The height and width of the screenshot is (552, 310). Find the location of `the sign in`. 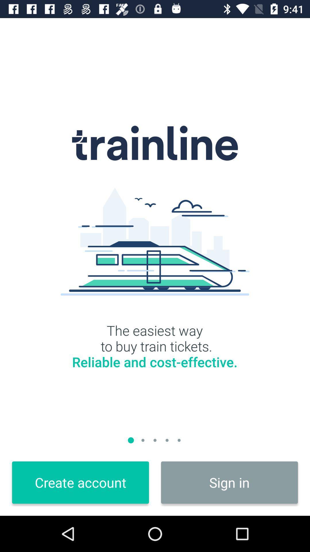

the sign in is located at coordinates (229, 482).